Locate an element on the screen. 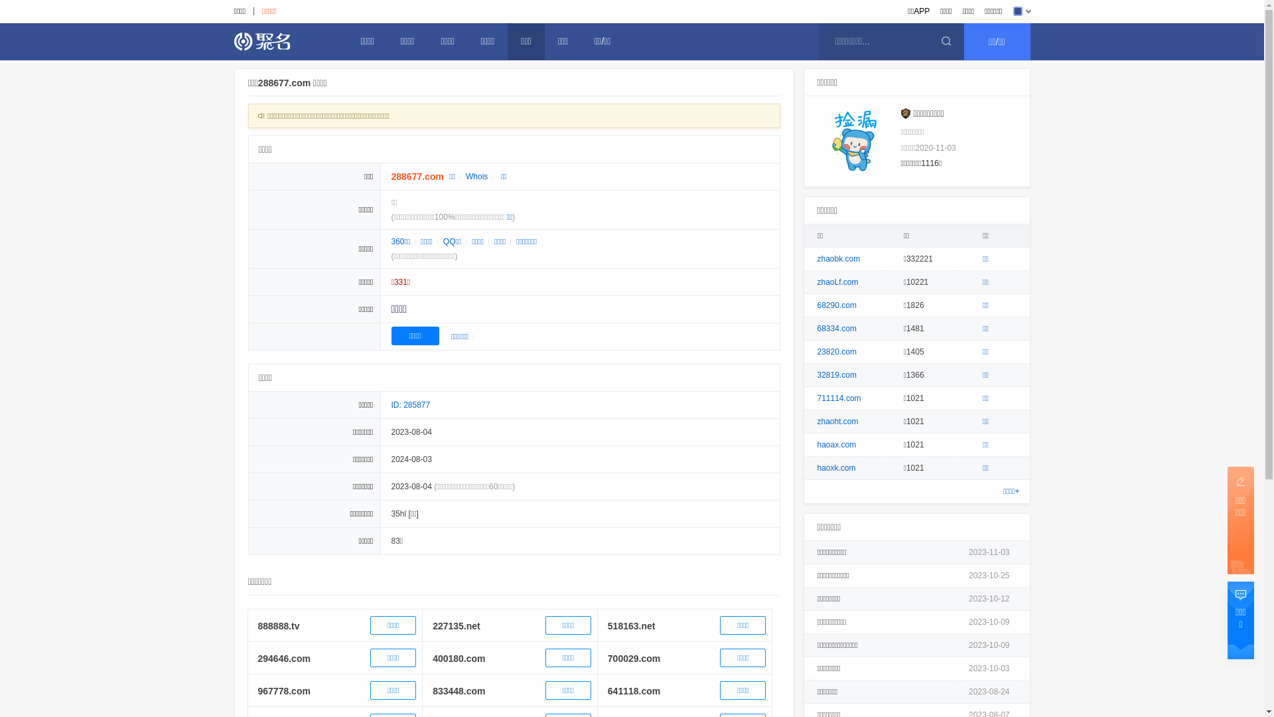 Image resolution: width=1274 pixels, height=717 pixels. 'zhaobk.com' is located at coordinates (838, 258).